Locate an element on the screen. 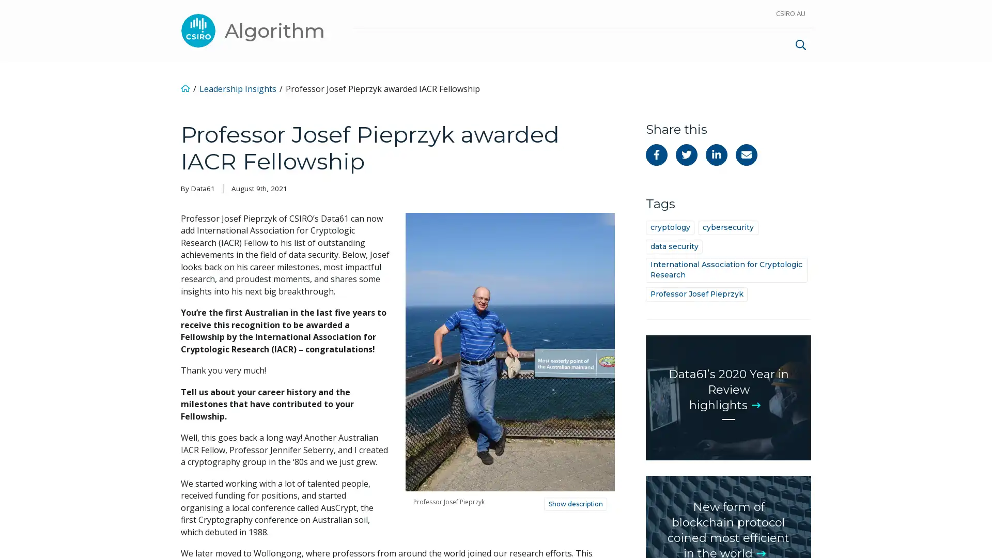  Show submenu is located at coordinates (715, 43).